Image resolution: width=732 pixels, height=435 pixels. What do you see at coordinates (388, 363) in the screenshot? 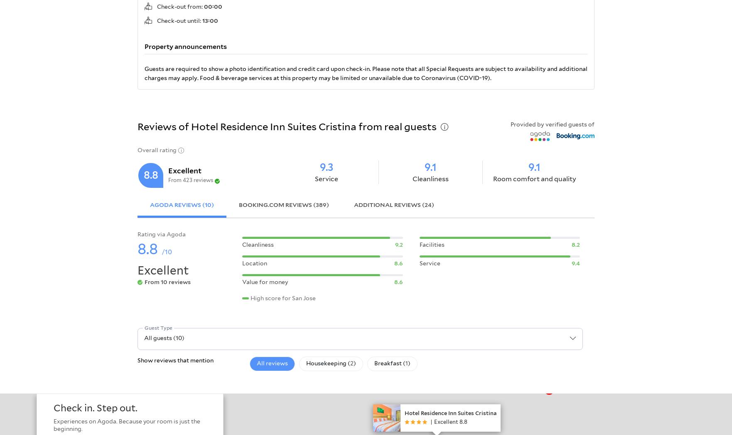
I see `'Breakfast'` at bounding box center [388, 363].